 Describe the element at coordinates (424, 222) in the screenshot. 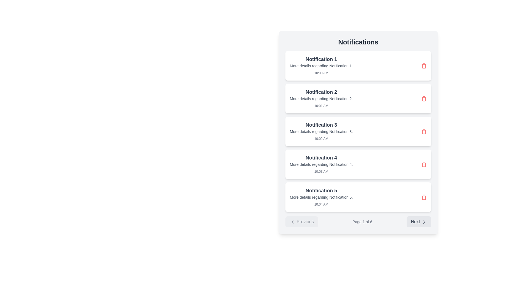

I see `the 'Next' button located at the bottom-right corner of the UI layout, which is represented by a rightward-pointing chevron icon` at that location.